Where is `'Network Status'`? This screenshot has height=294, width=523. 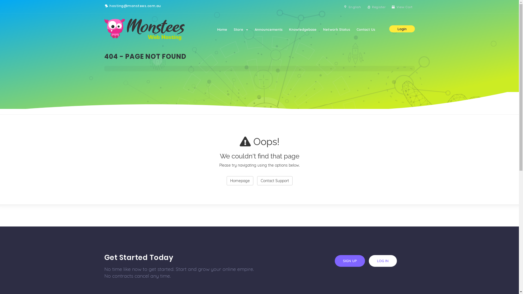
'Network Status' is located at coordinates (336, 29).